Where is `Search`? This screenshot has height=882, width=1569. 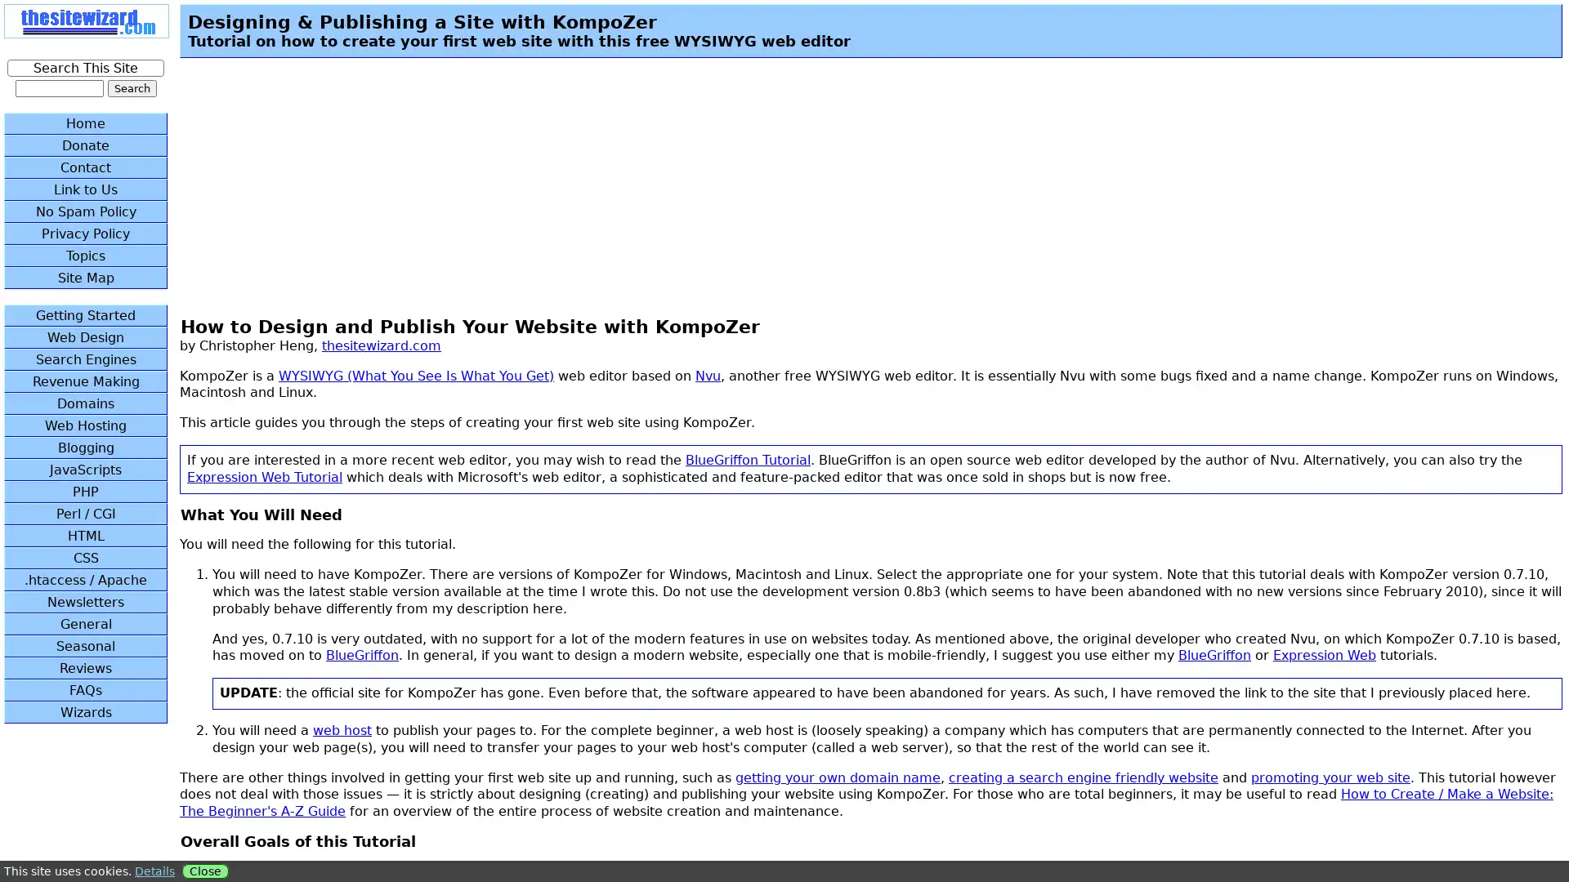
Search is located at coordinates (132, 88).